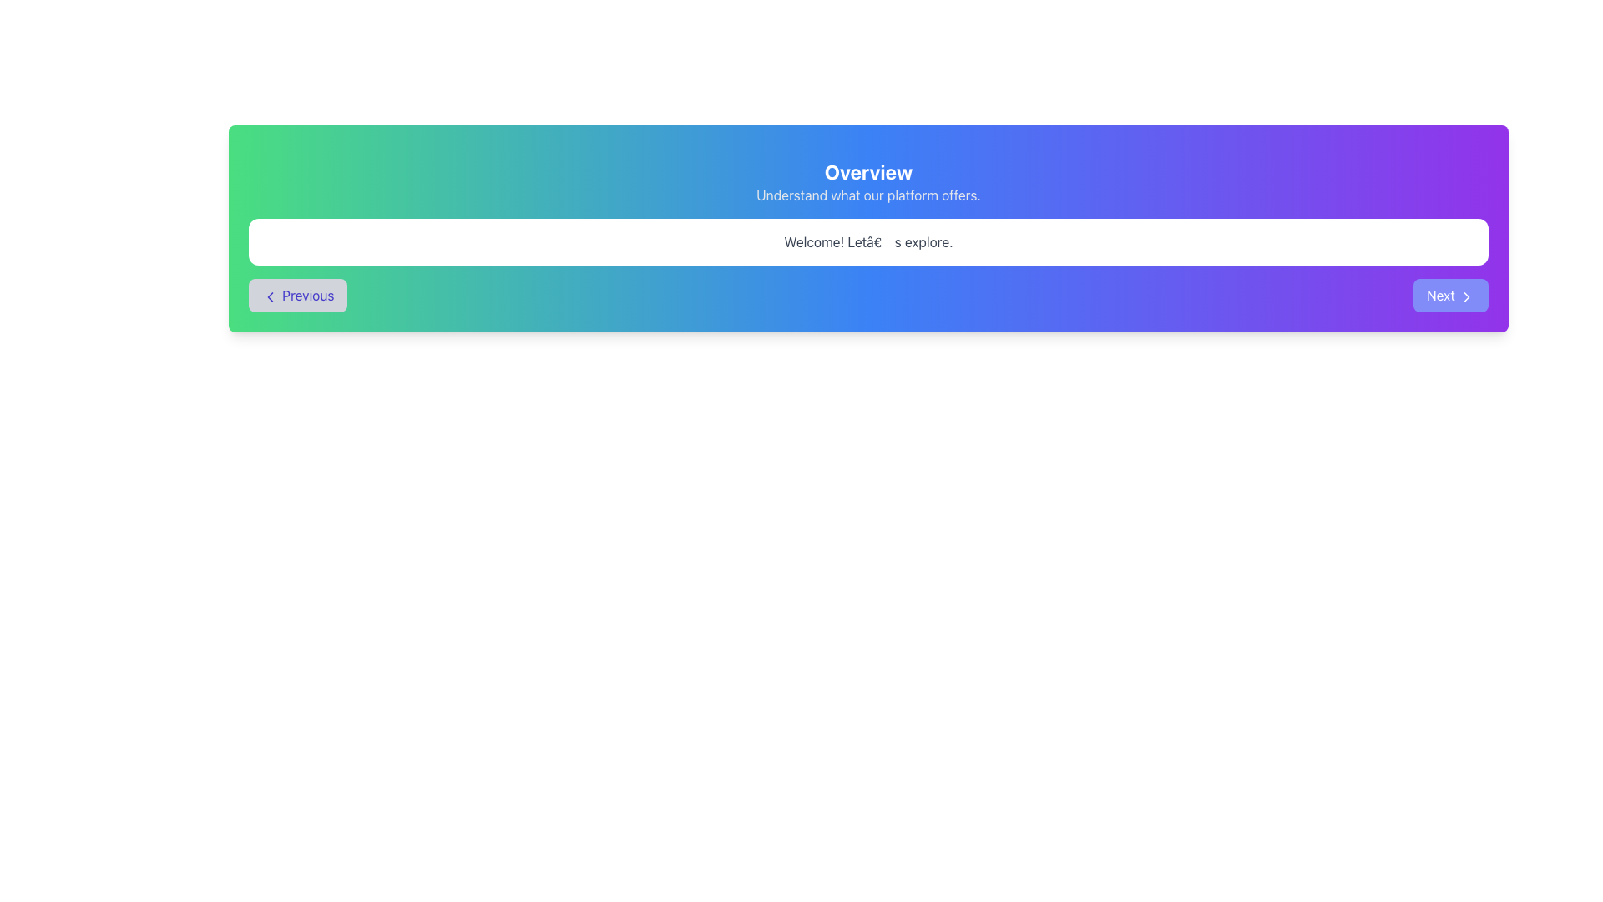  What do you see at coordinates (868, 195) in the screenshot?
I see `the static text label that reads 'Understand what our platform offers.' which is located directly below the 'Overview' heading` at bounding box center [868, 195].